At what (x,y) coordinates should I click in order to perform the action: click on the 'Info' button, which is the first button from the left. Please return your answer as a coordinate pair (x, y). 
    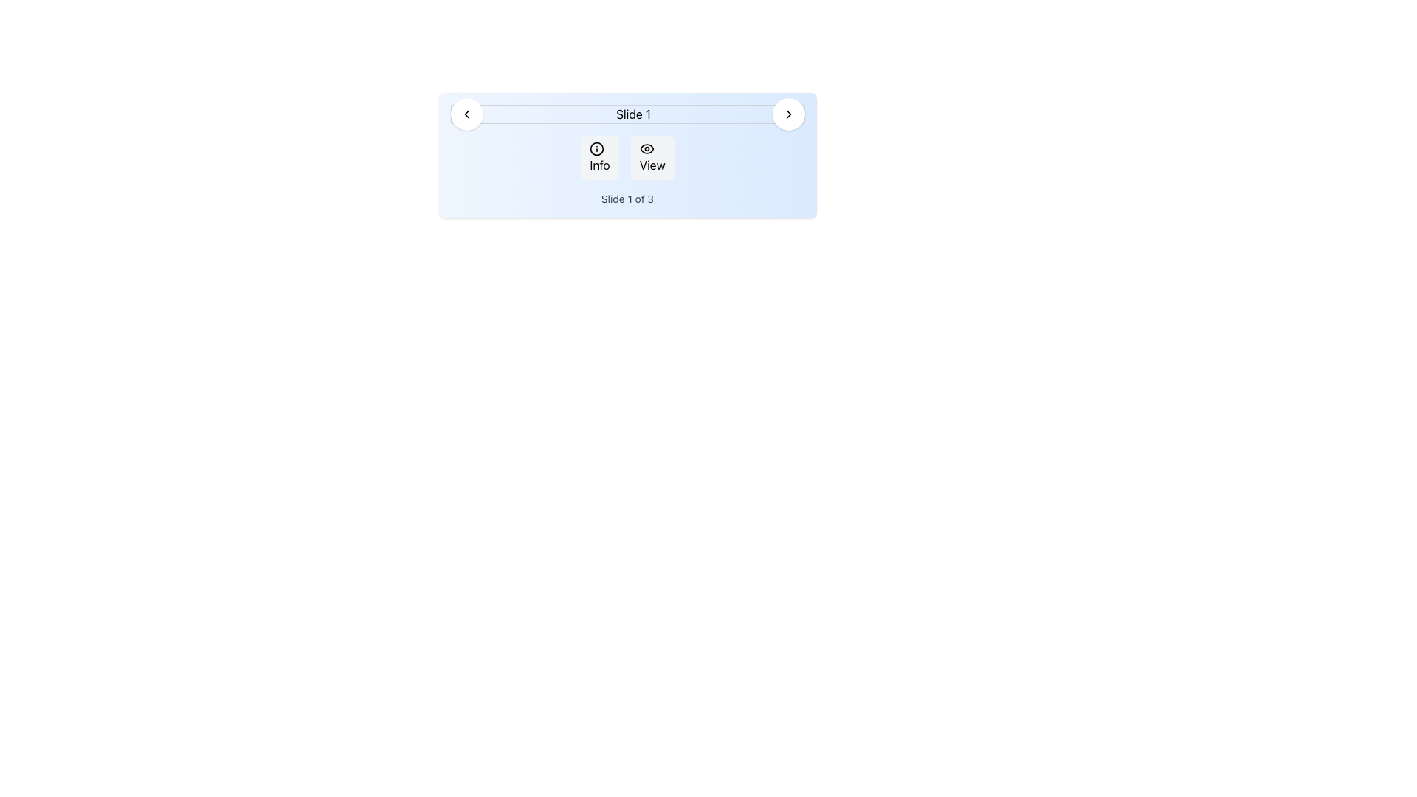
    Looking at the image, I should click on (599, 157).